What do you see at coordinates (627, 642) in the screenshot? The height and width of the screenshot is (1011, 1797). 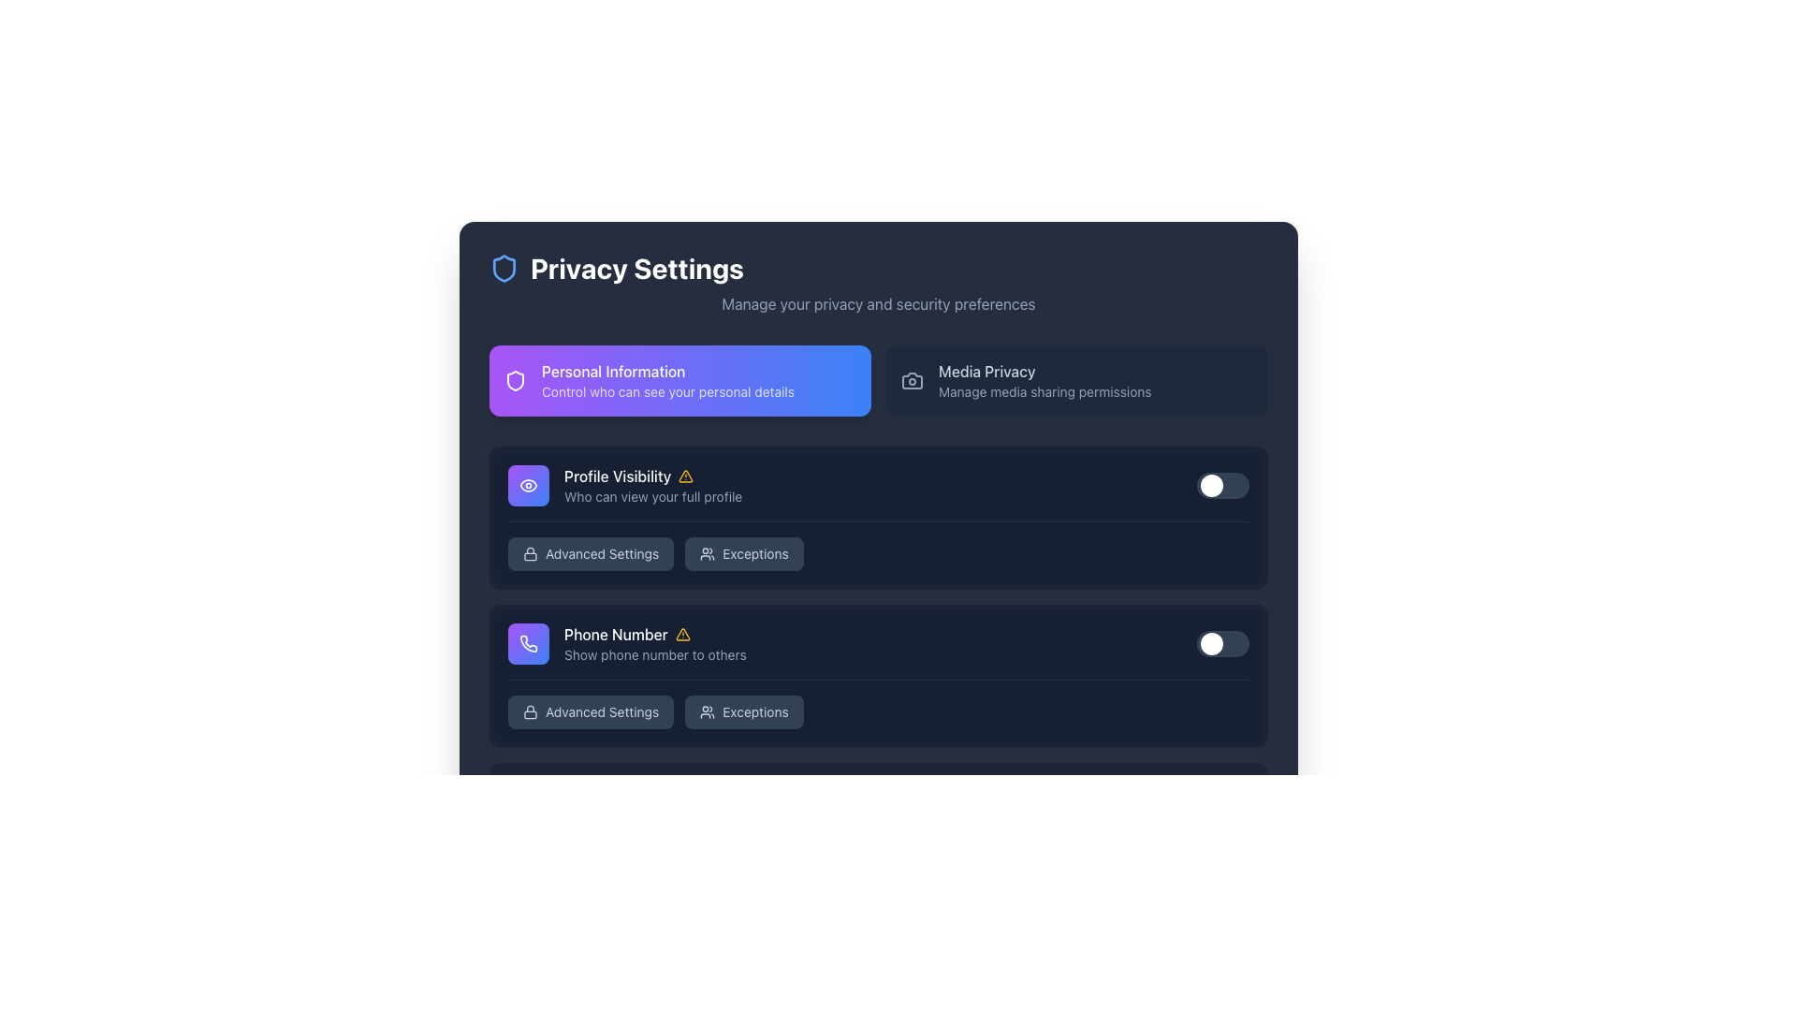 I see `the warning icon located next to the title 'Phone Number' in the Information display within the 'Privacy Settings' interface` at bounding box center [627, 642].